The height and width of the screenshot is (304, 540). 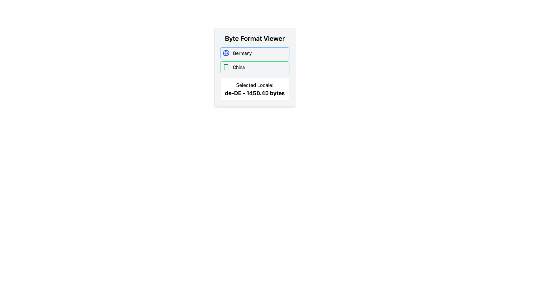 I want to click on the SVG icon representing 'Germany', located at the start of the row labeled 'Germany' within a bordered, rounded rectangle, so click(x=226, y=53).